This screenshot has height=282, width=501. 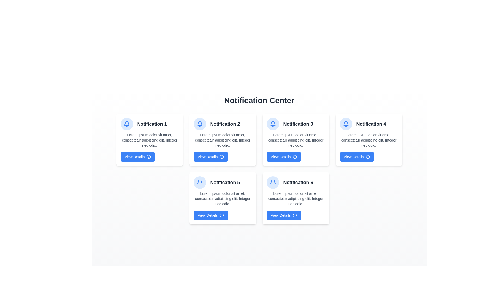 I want to click on the circular notification icon with a light blue background and a blue bell symbol, so click(x=272, y=124).